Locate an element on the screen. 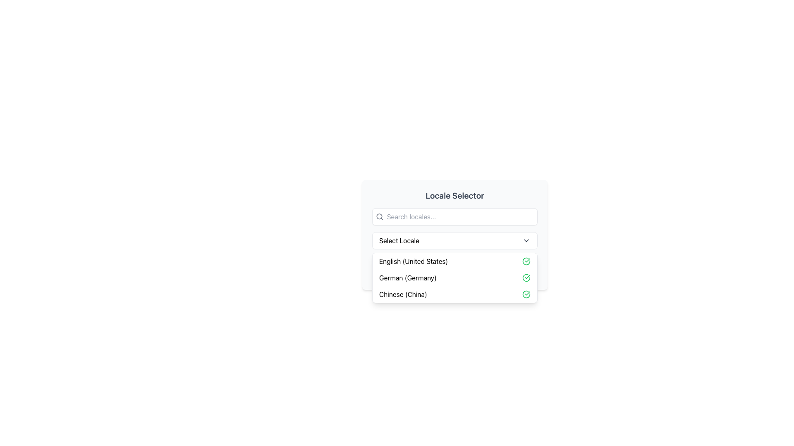 This screenshot has width=794, height=446. the Chevron icon located to the right of the 'Select Locale' text is located at coordinates (526, 240).